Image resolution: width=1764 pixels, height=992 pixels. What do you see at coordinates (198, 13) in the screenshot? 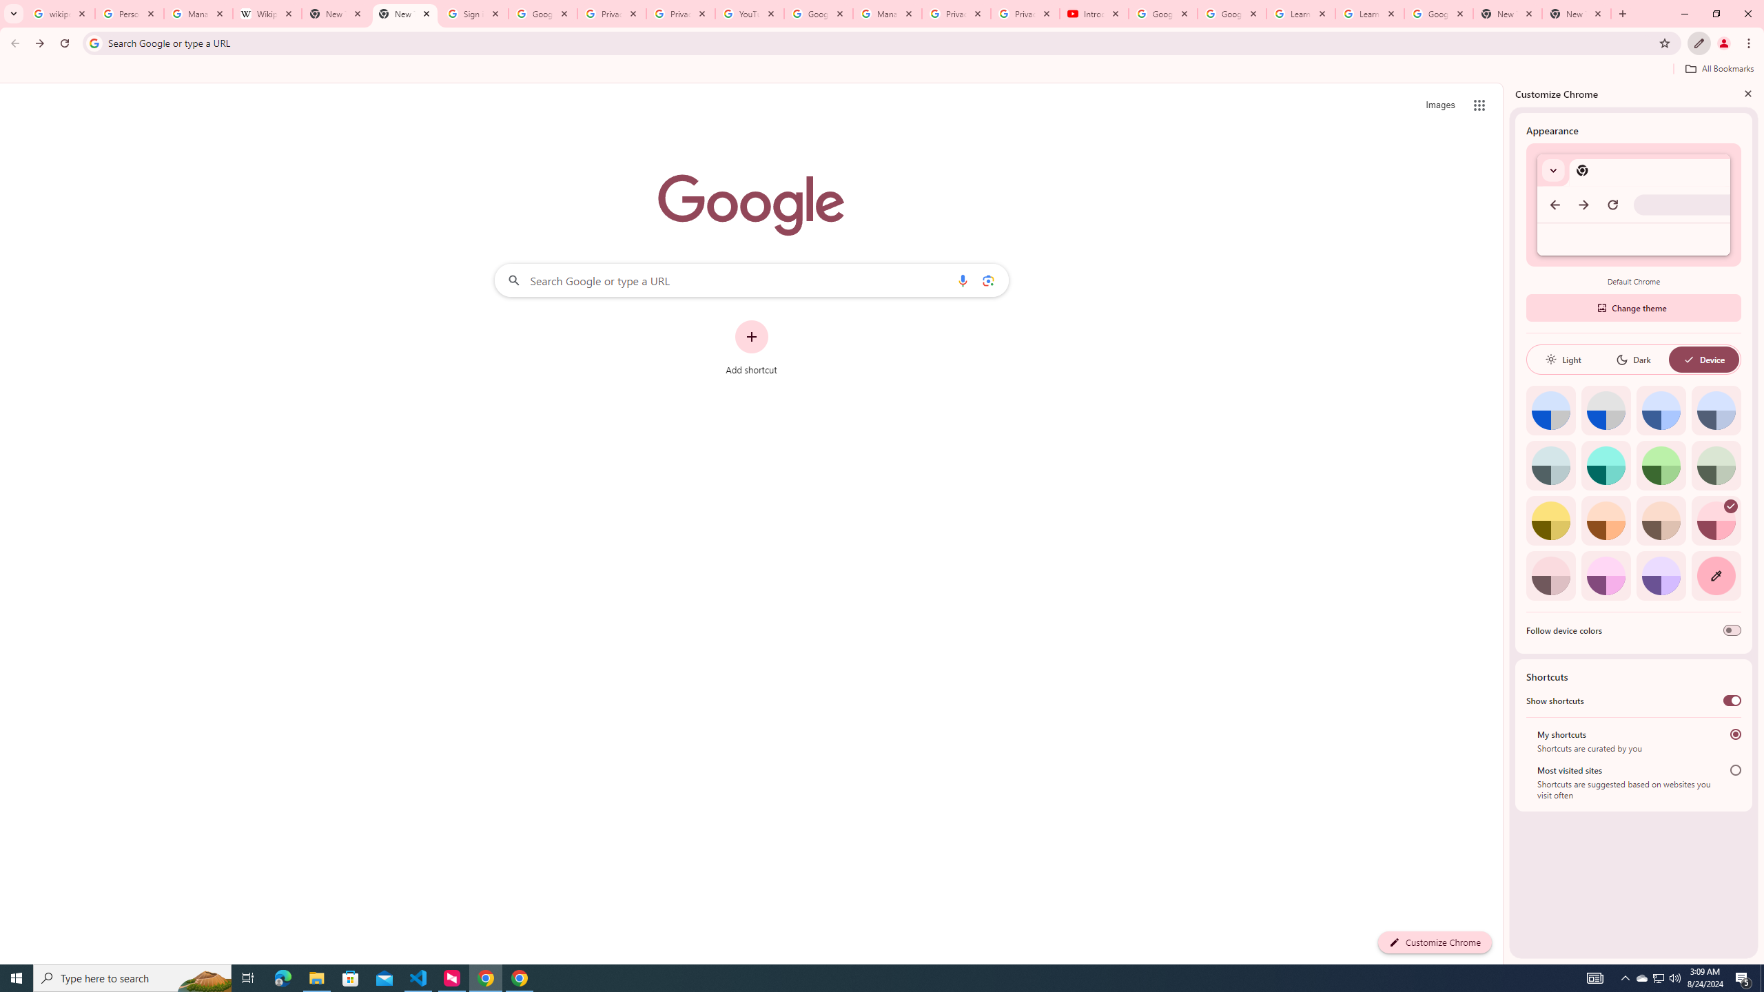
I see `'Manage your Location History - Google Search Help'` at bounding box center [198, 13].